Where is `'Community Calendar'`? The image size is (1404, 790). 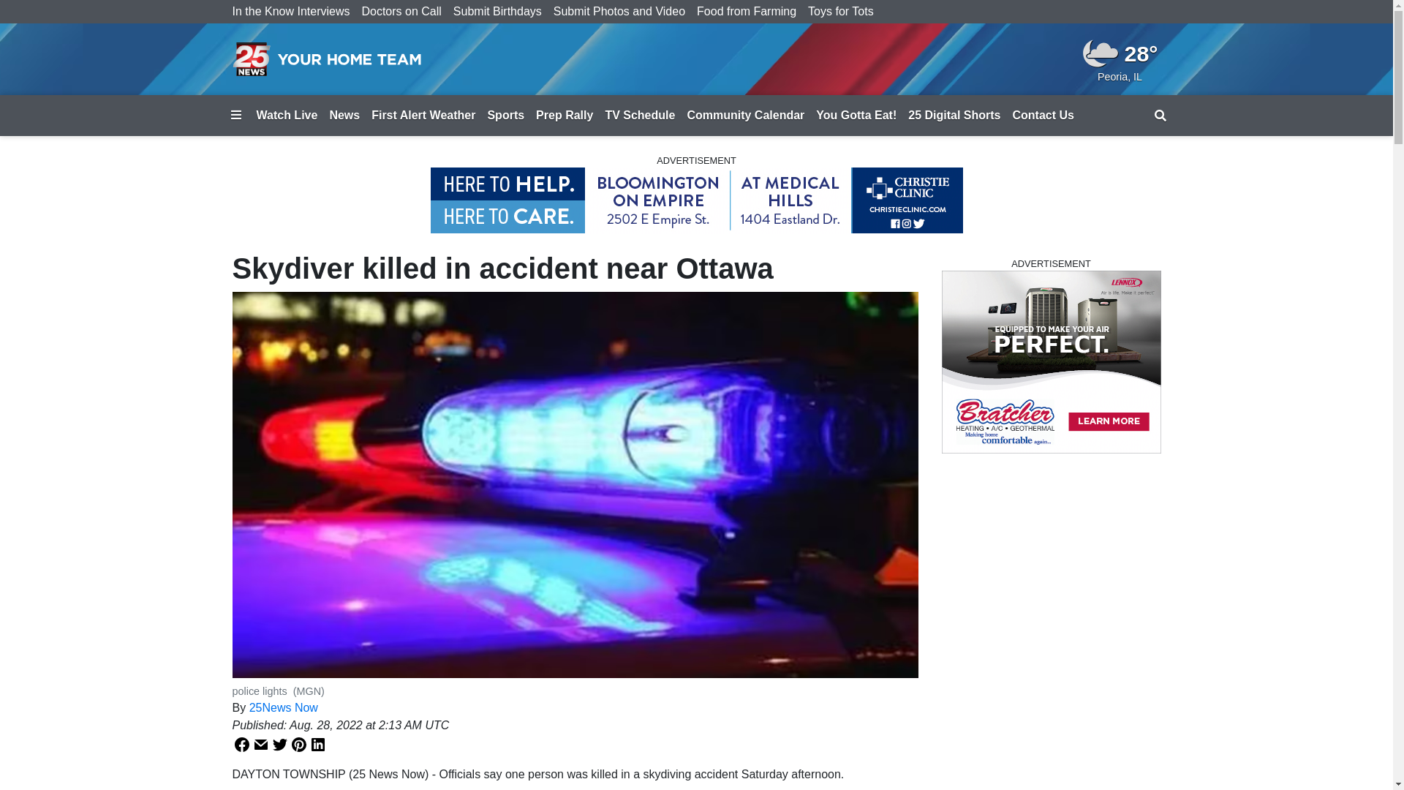
'Community Calendar' is located at coordinates (745, 115).